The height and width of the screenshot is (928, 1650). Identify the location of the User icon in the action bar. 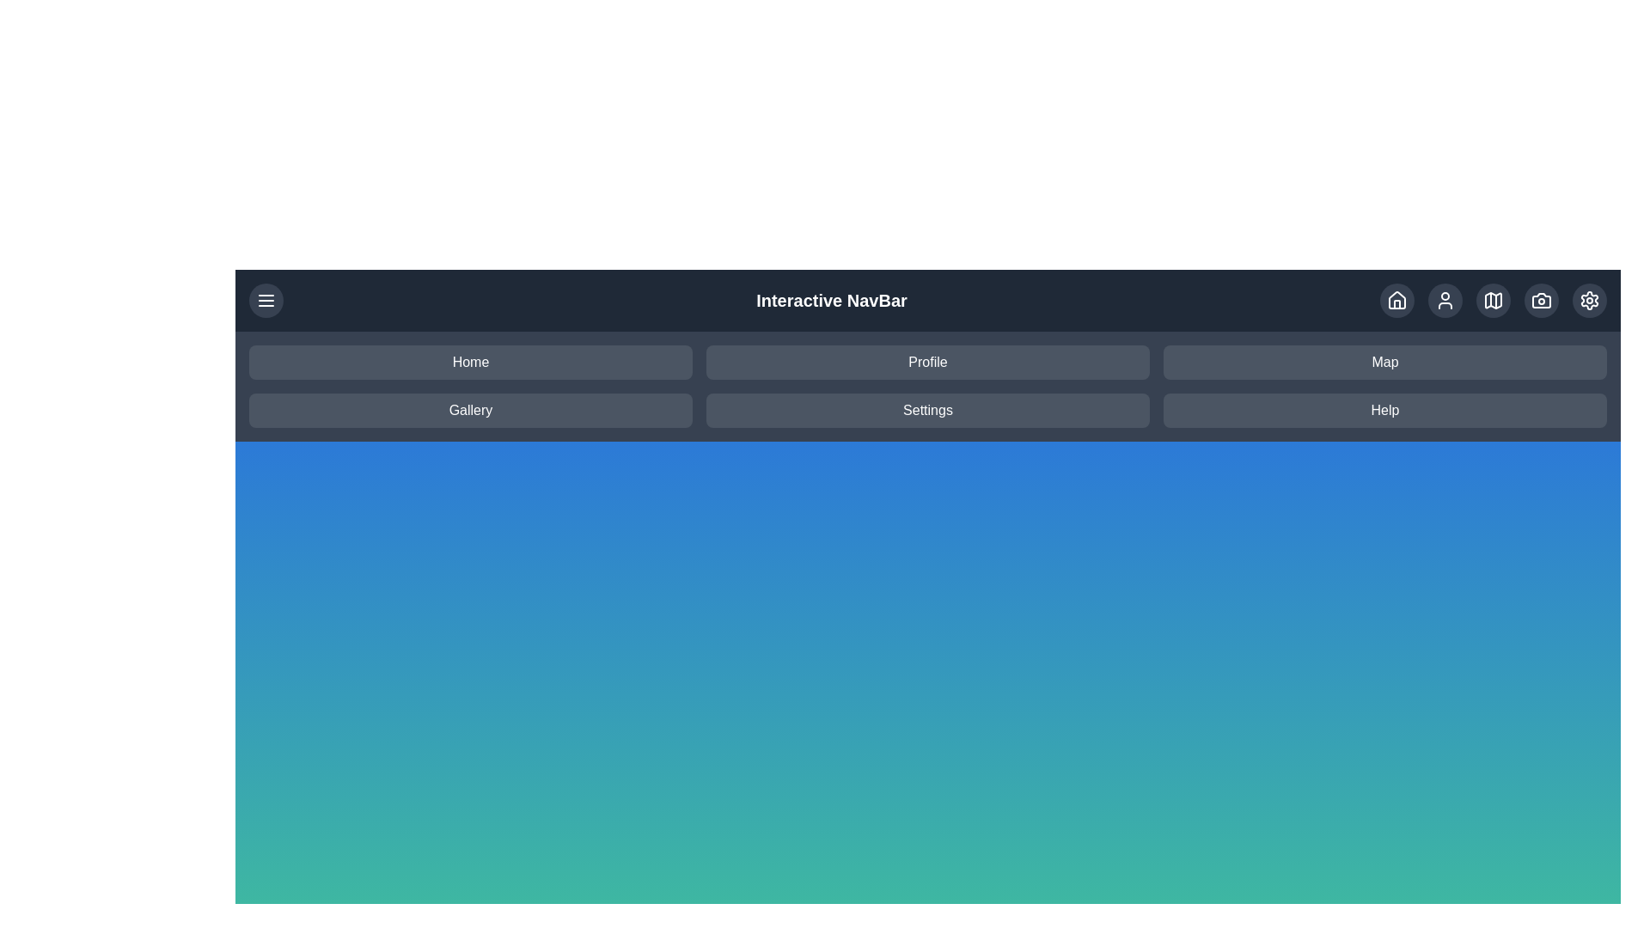
(1444, 300).